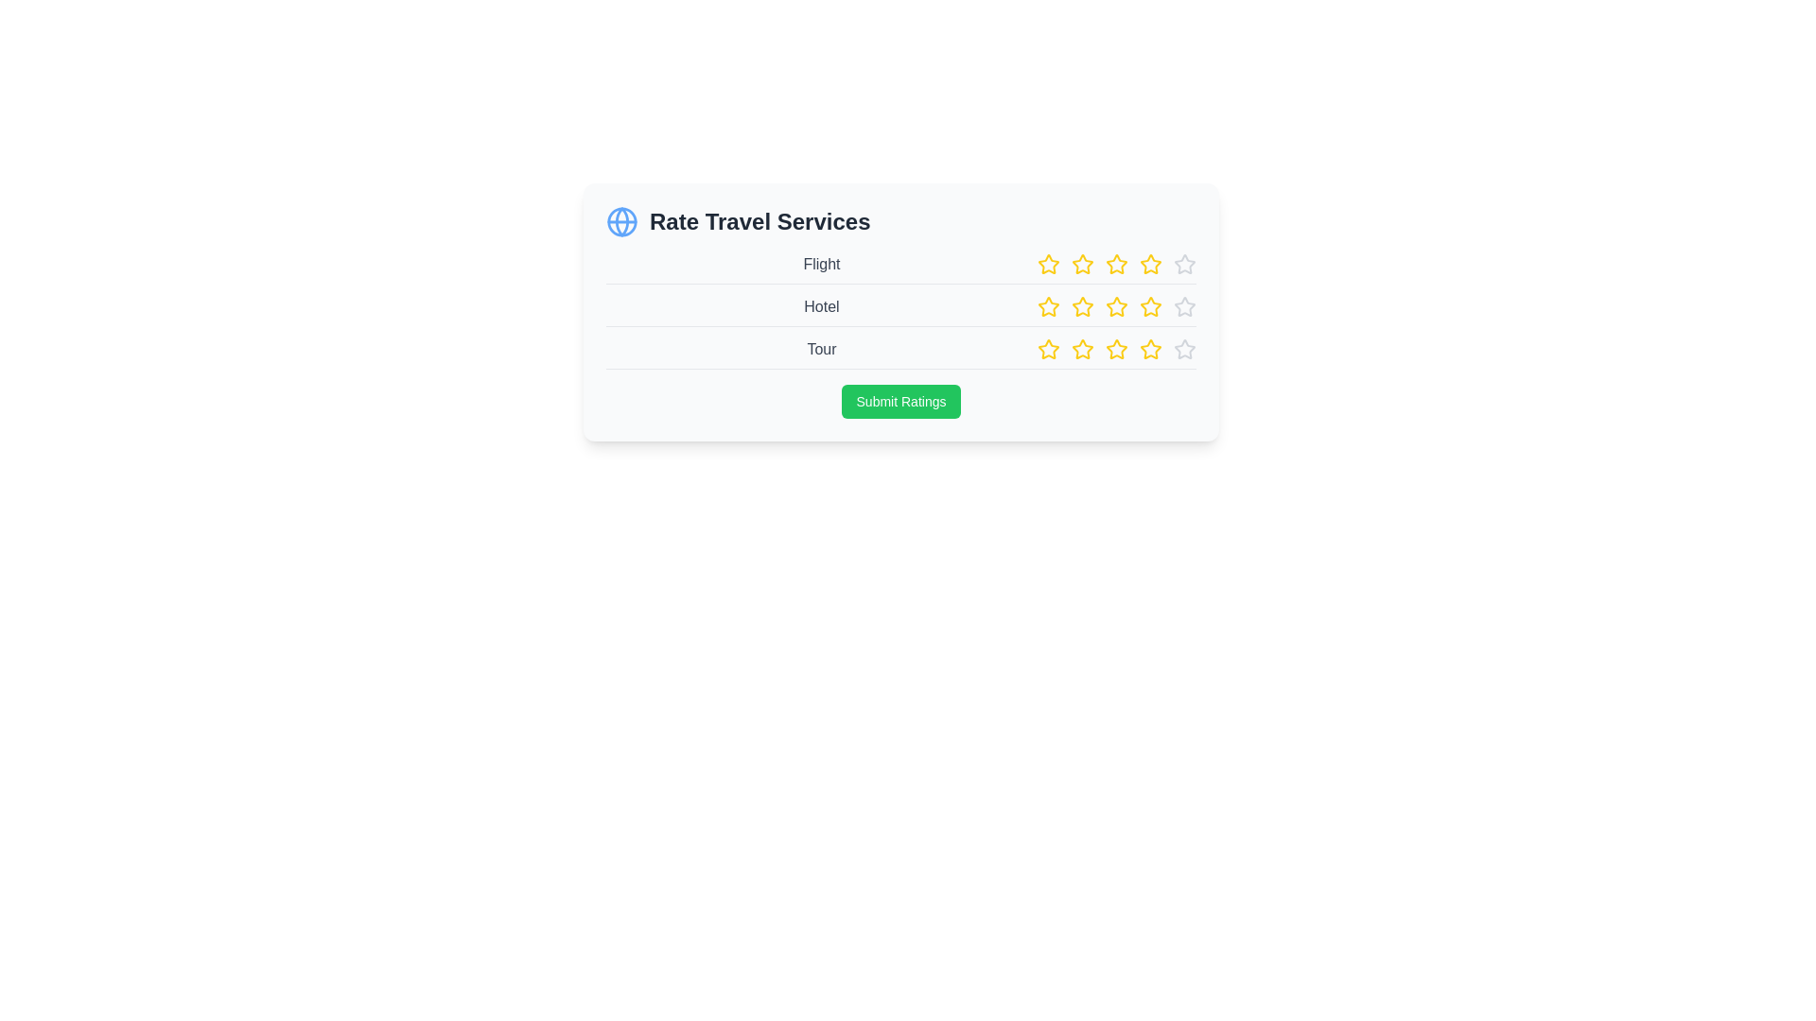 This screenshot has width=1816, height=1021. I want to click on the second star in the rating row for 'Flight', so click(1047, 264).